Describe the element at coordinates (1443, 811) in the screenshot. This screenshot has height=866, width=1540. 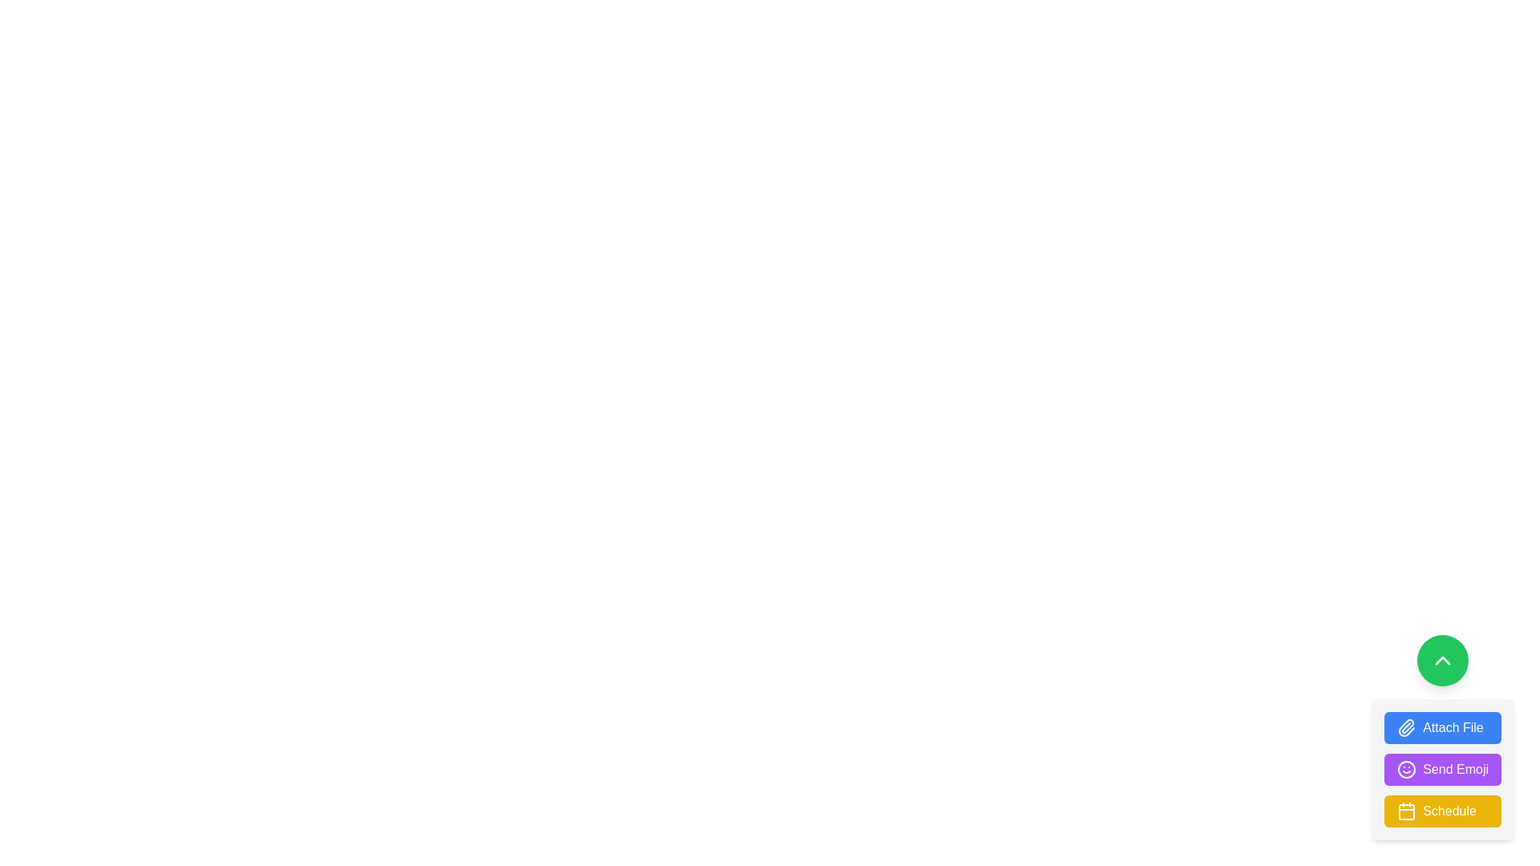
I see `the 'Schedule' button with a yellow background and white text` at that location.